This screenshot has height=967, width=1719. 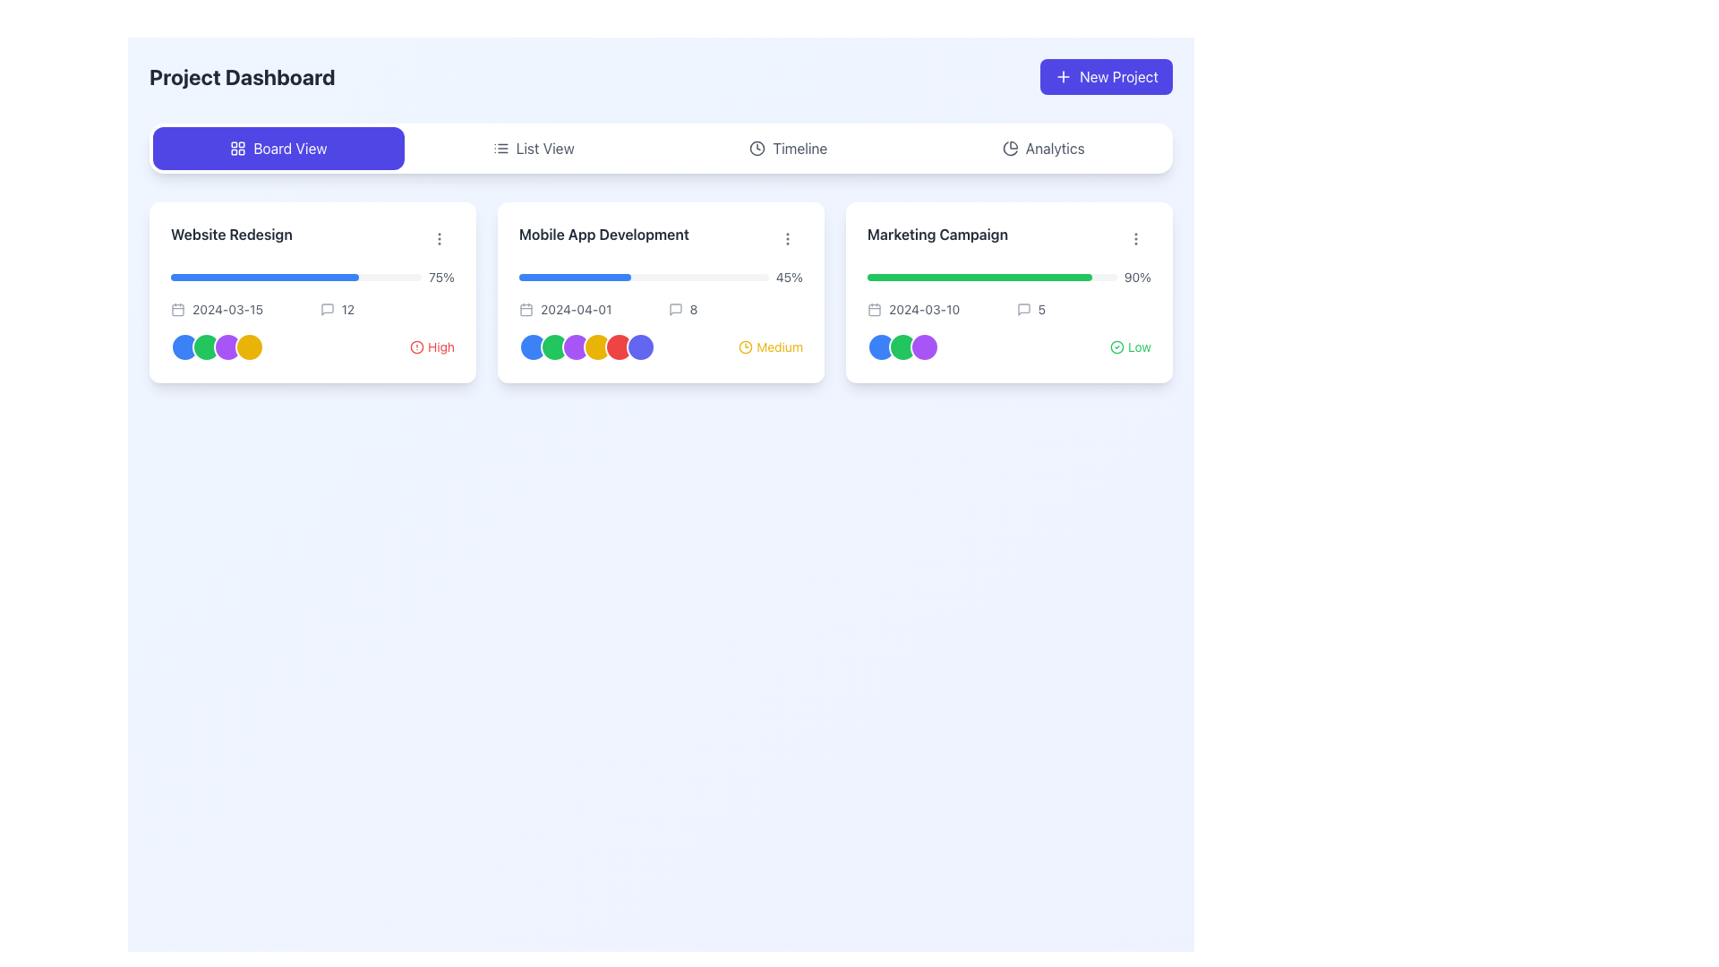 What do you see at coordinates (924, 347) in the screenshot?
I see `the Decorative badge, which is a circular element with a purple background and white border, located in the bottom-left section of the 'Marketing Campaign' card` at bounding box center [924, 347].